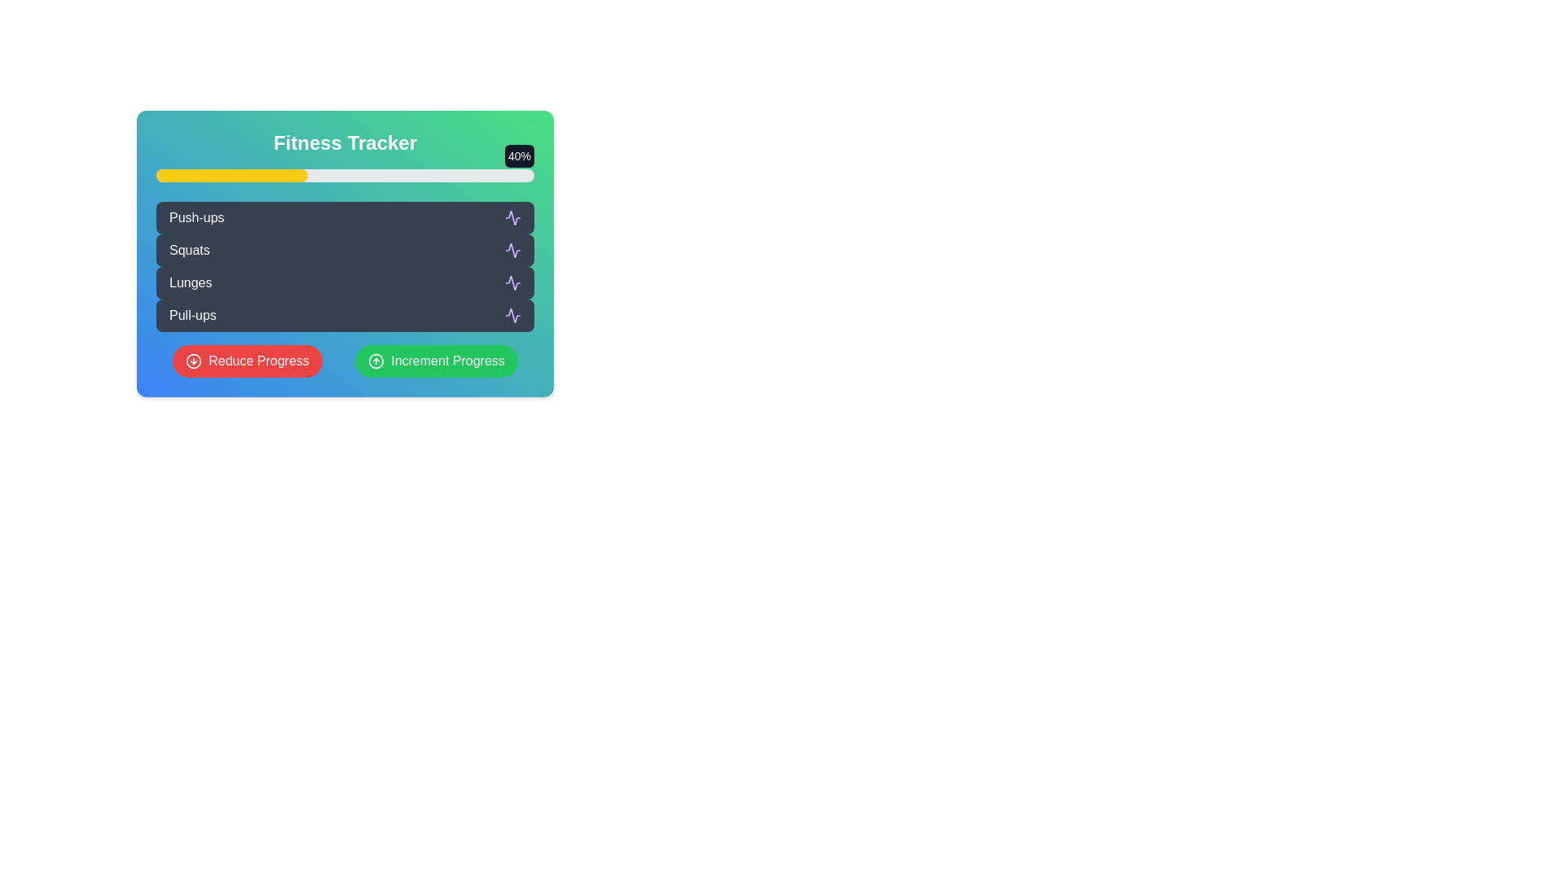 This screenshot has width=1564, height=879. Describe the element at coordinates (512, 216) in the screenshot. I see `the purple waveform icon located within the fitness tracker table, adjacent to the 'Push-ups' text` at that location.